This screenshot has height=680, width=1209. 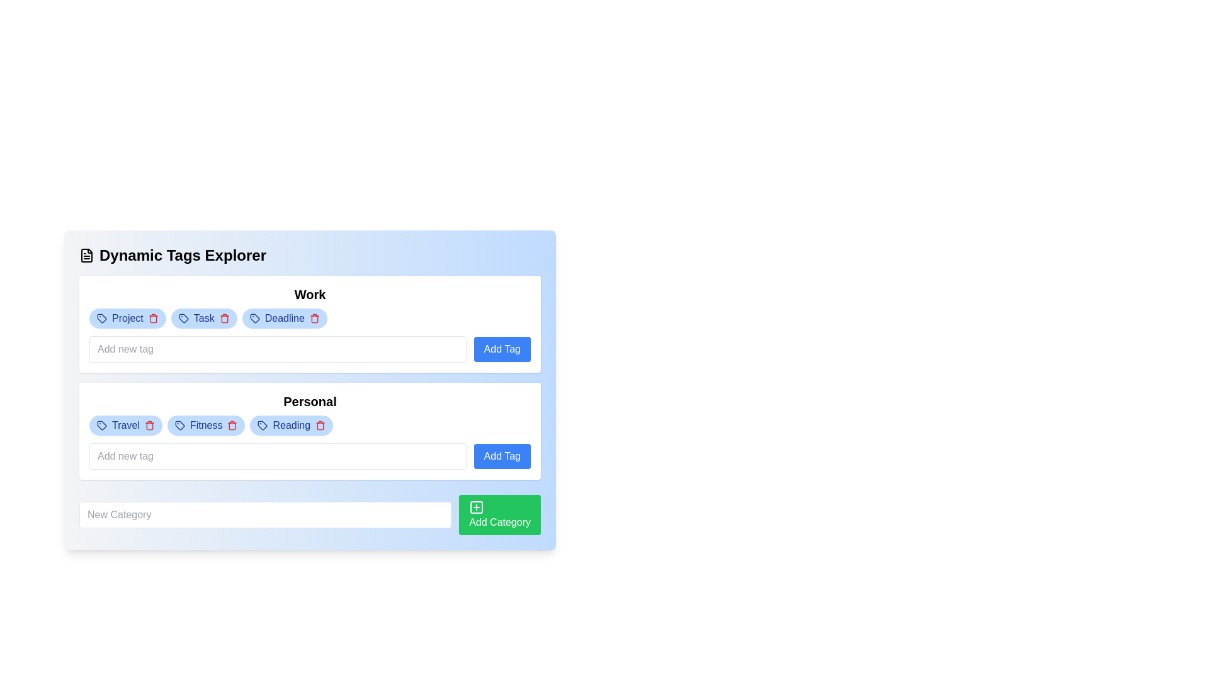 What do you see at coordinates (206, 425) in the screenshot?
I see `the trash icon on the second tag element in the 'Personal' section` at bounding box center [206, 425].